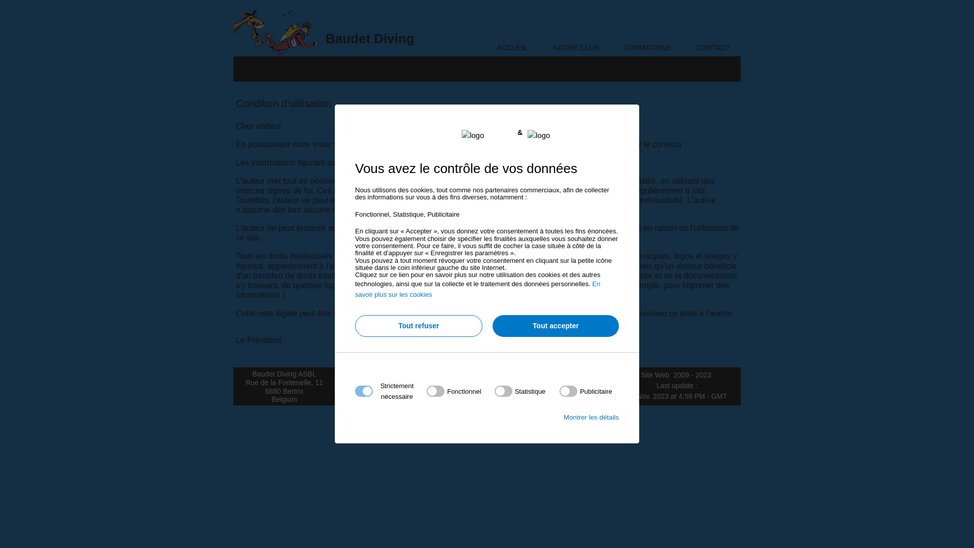  I want to click on 'NOTRE CLUB', so click(576, 45).